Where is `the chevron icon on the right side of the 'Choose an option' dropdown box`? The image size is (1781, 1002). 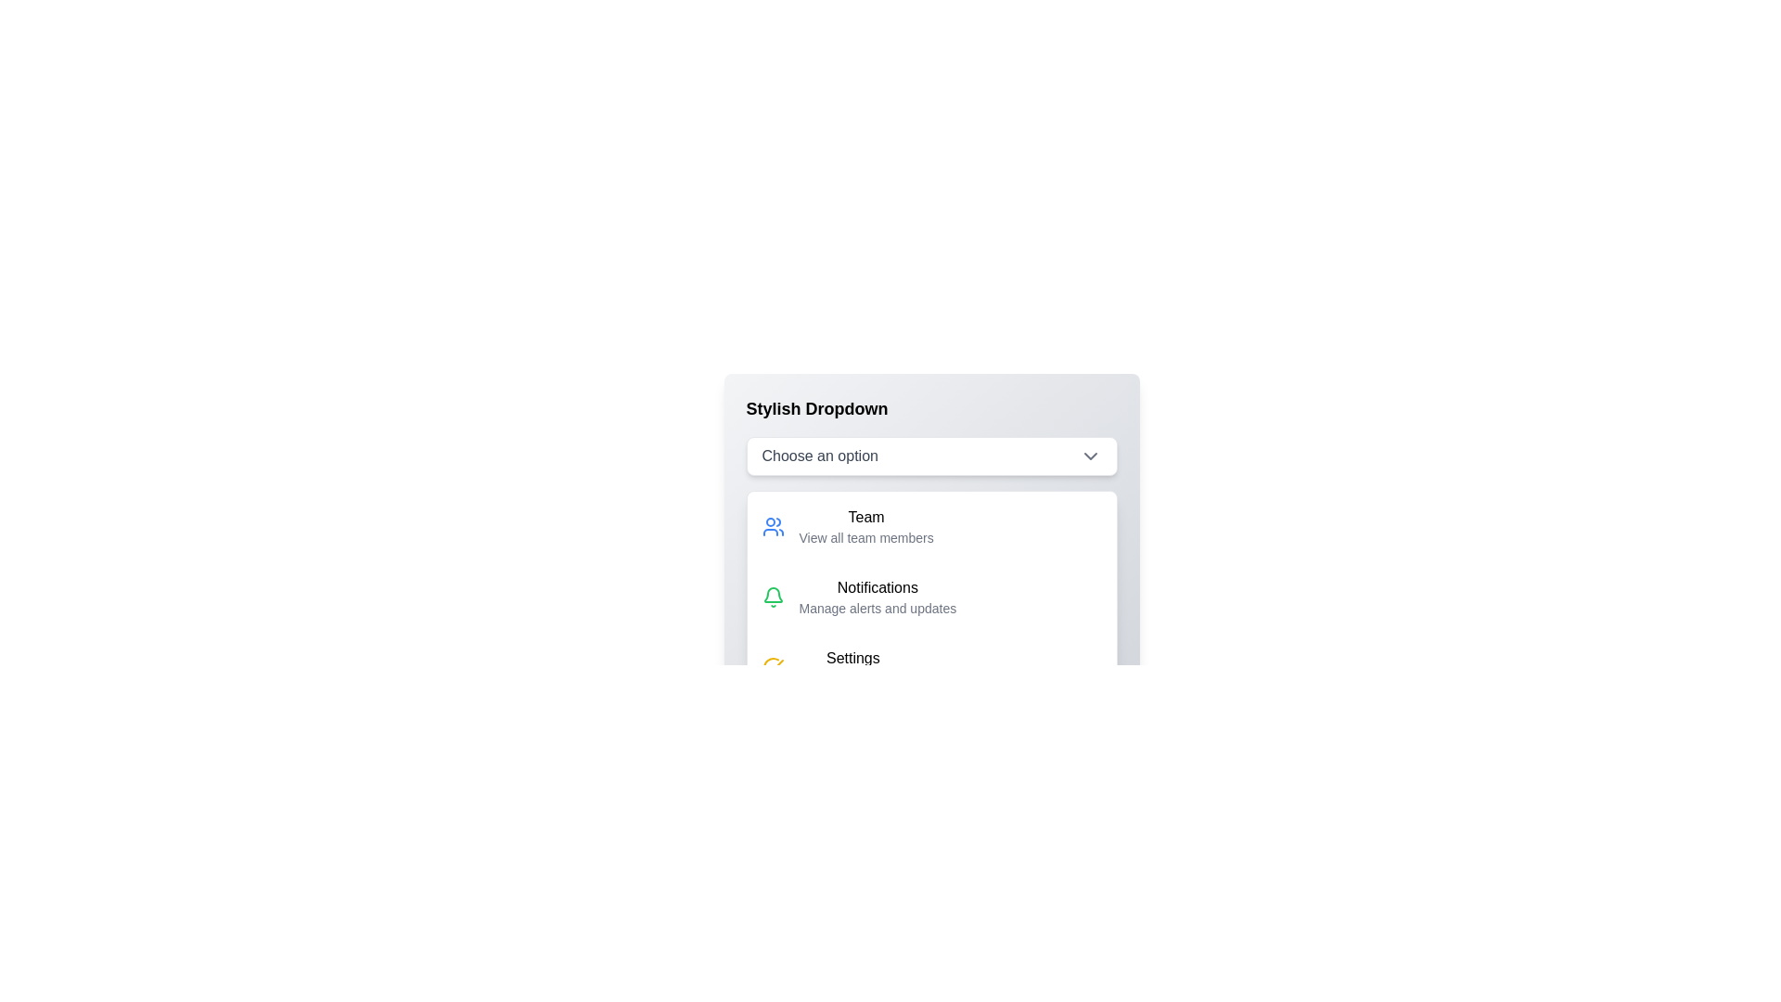 the chevron icon on the right side of the 'Choose an option' dropdown box is located at coordinates (1090, 456).